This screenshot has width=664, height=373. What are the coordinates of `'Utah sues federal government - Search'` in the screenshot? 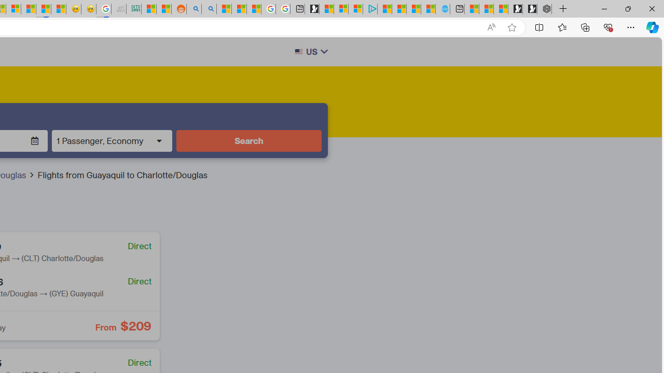 It's located at (209, 9).